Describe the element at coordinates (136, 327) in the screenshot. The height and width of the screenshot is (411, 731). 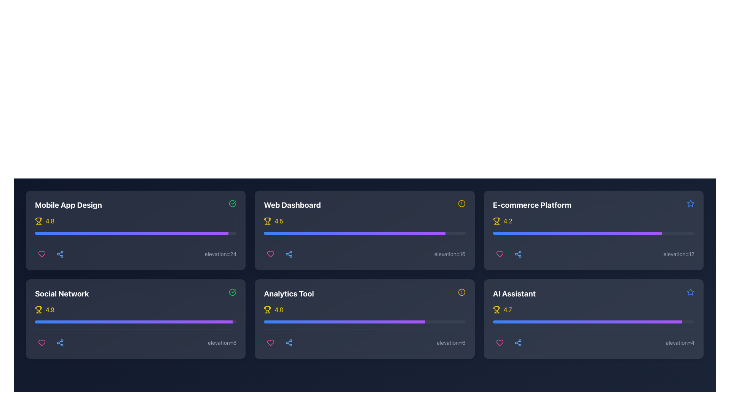
I see `the horizontal progress bar with a gradient fill located within the 'Social Network' card, positioned beneath the trophy icon and the 4.9 rating text` at that location.